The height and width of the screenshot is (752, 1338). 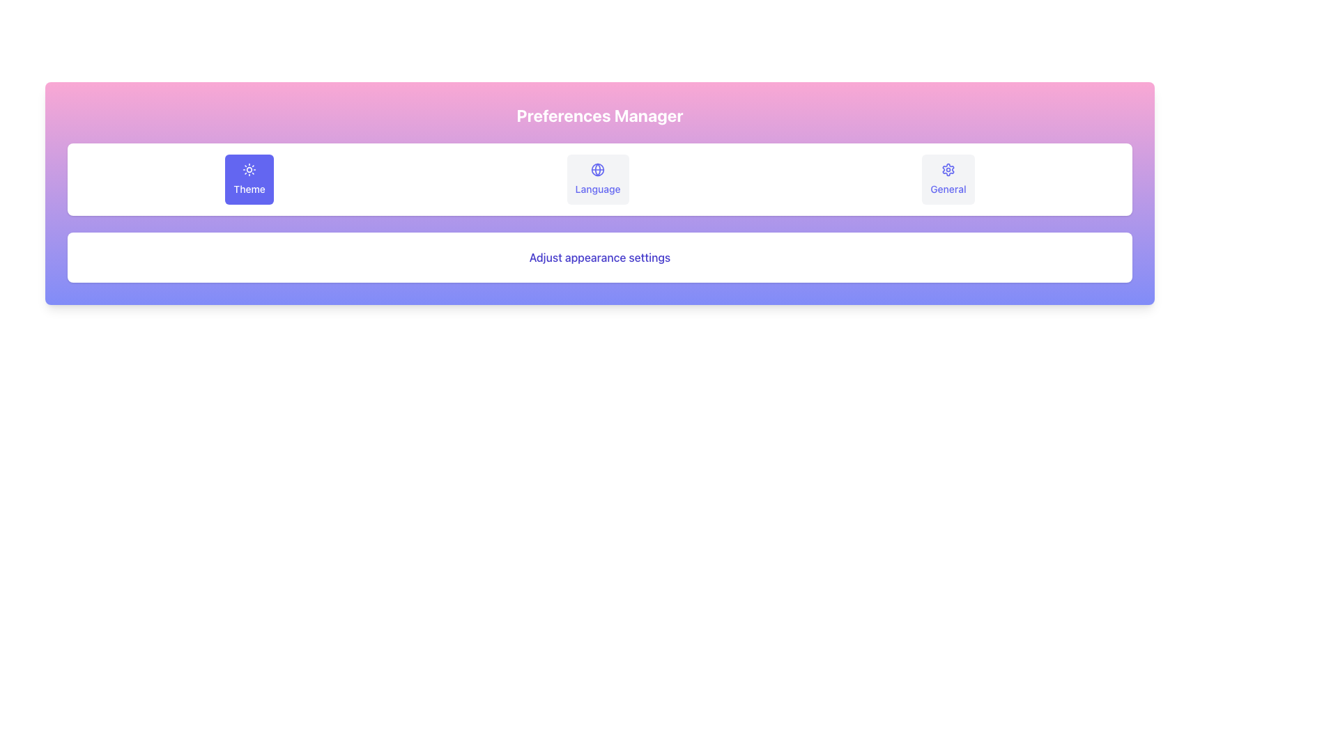 I want to click on the central icon of the 'Language' button, located in the middle column of the three buttons under the 'Preferences Manager' header, so click(x=598, y=169).